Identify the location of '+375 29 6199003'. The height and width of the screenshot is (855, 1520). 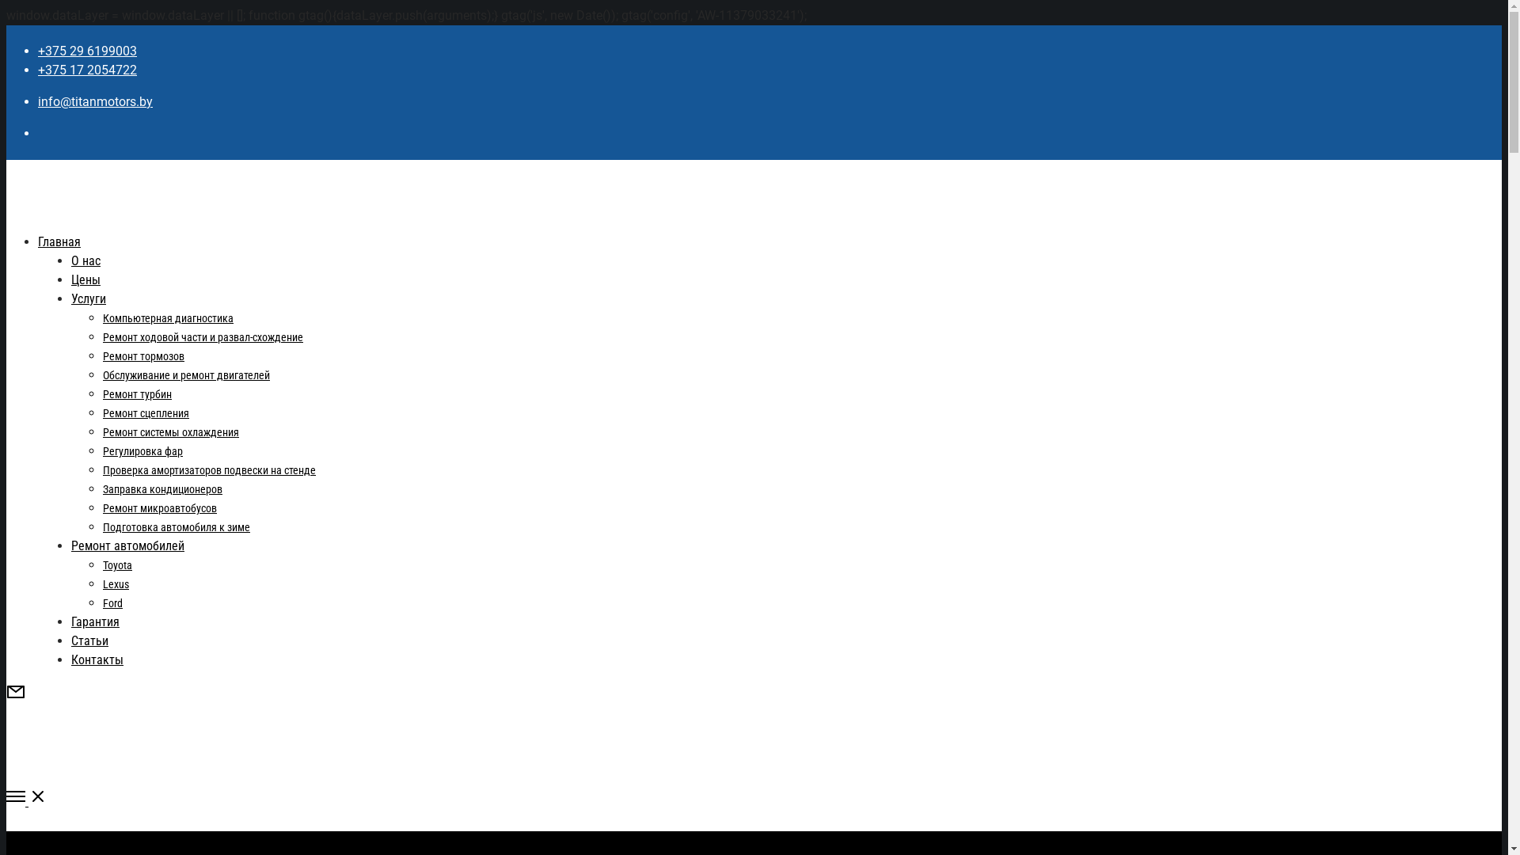
(86, 50).